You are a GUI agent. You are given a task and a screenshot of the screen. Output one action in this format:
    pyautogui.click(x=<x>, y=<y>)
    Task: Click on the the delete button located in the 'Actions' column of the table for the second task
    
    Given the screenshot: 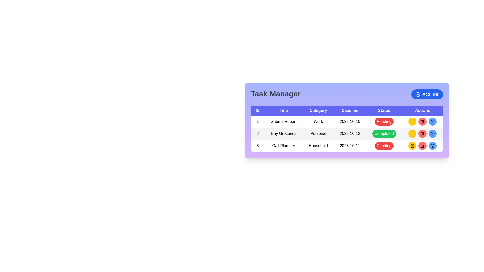 What is the action you would take?
    pyautogui.click(x=422, y=133)
    